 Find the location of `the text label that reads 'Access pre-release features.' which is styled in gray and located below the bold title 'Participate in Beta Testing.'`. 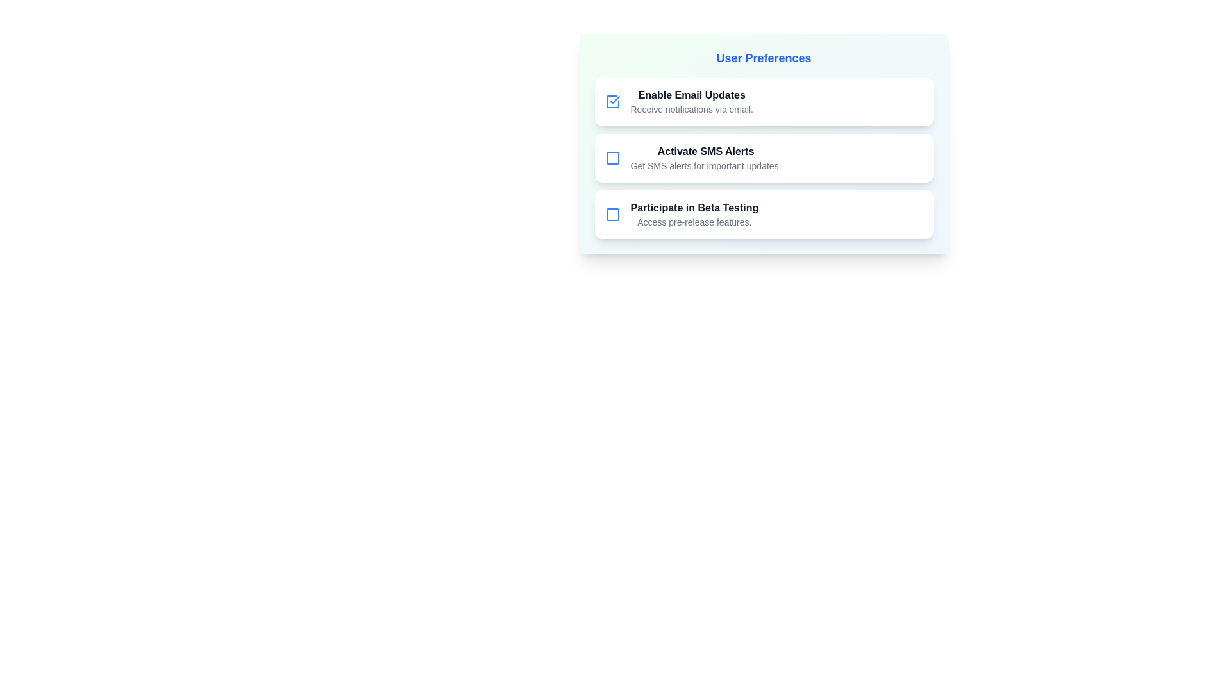

the text label that reads 'Access pre-release features.' which is styled in gray and located below the bold title 'Participate in Beta Testing.' is located at coordinates (694, 222).